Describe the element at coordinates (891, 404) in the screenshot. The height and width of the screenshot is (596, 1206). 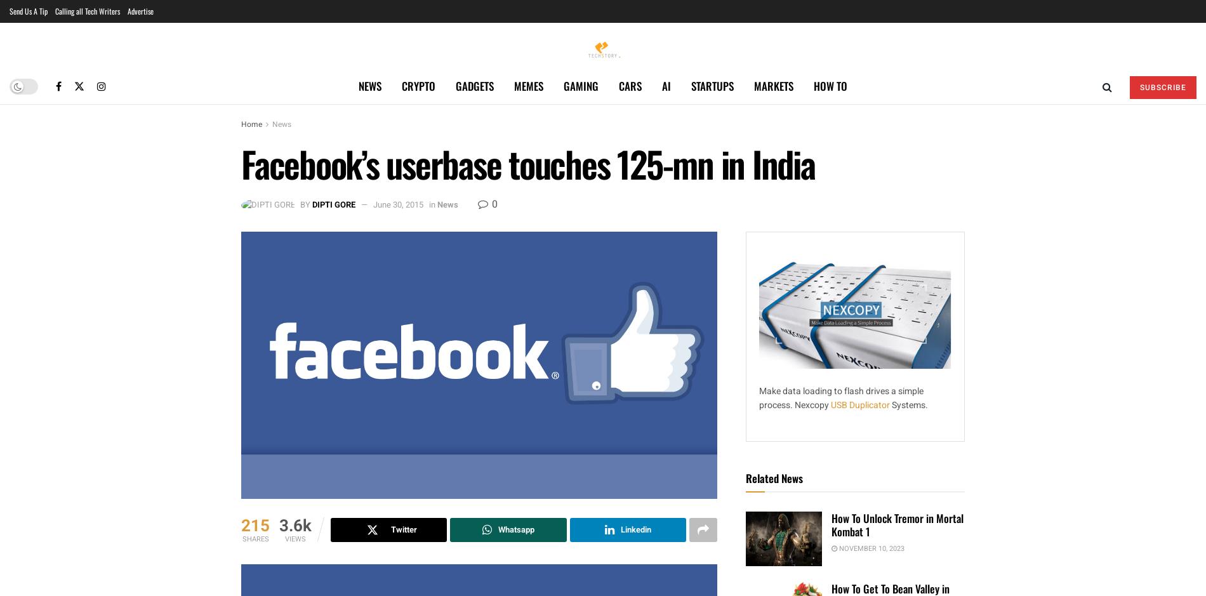
I see `'Systems.'` at that location.